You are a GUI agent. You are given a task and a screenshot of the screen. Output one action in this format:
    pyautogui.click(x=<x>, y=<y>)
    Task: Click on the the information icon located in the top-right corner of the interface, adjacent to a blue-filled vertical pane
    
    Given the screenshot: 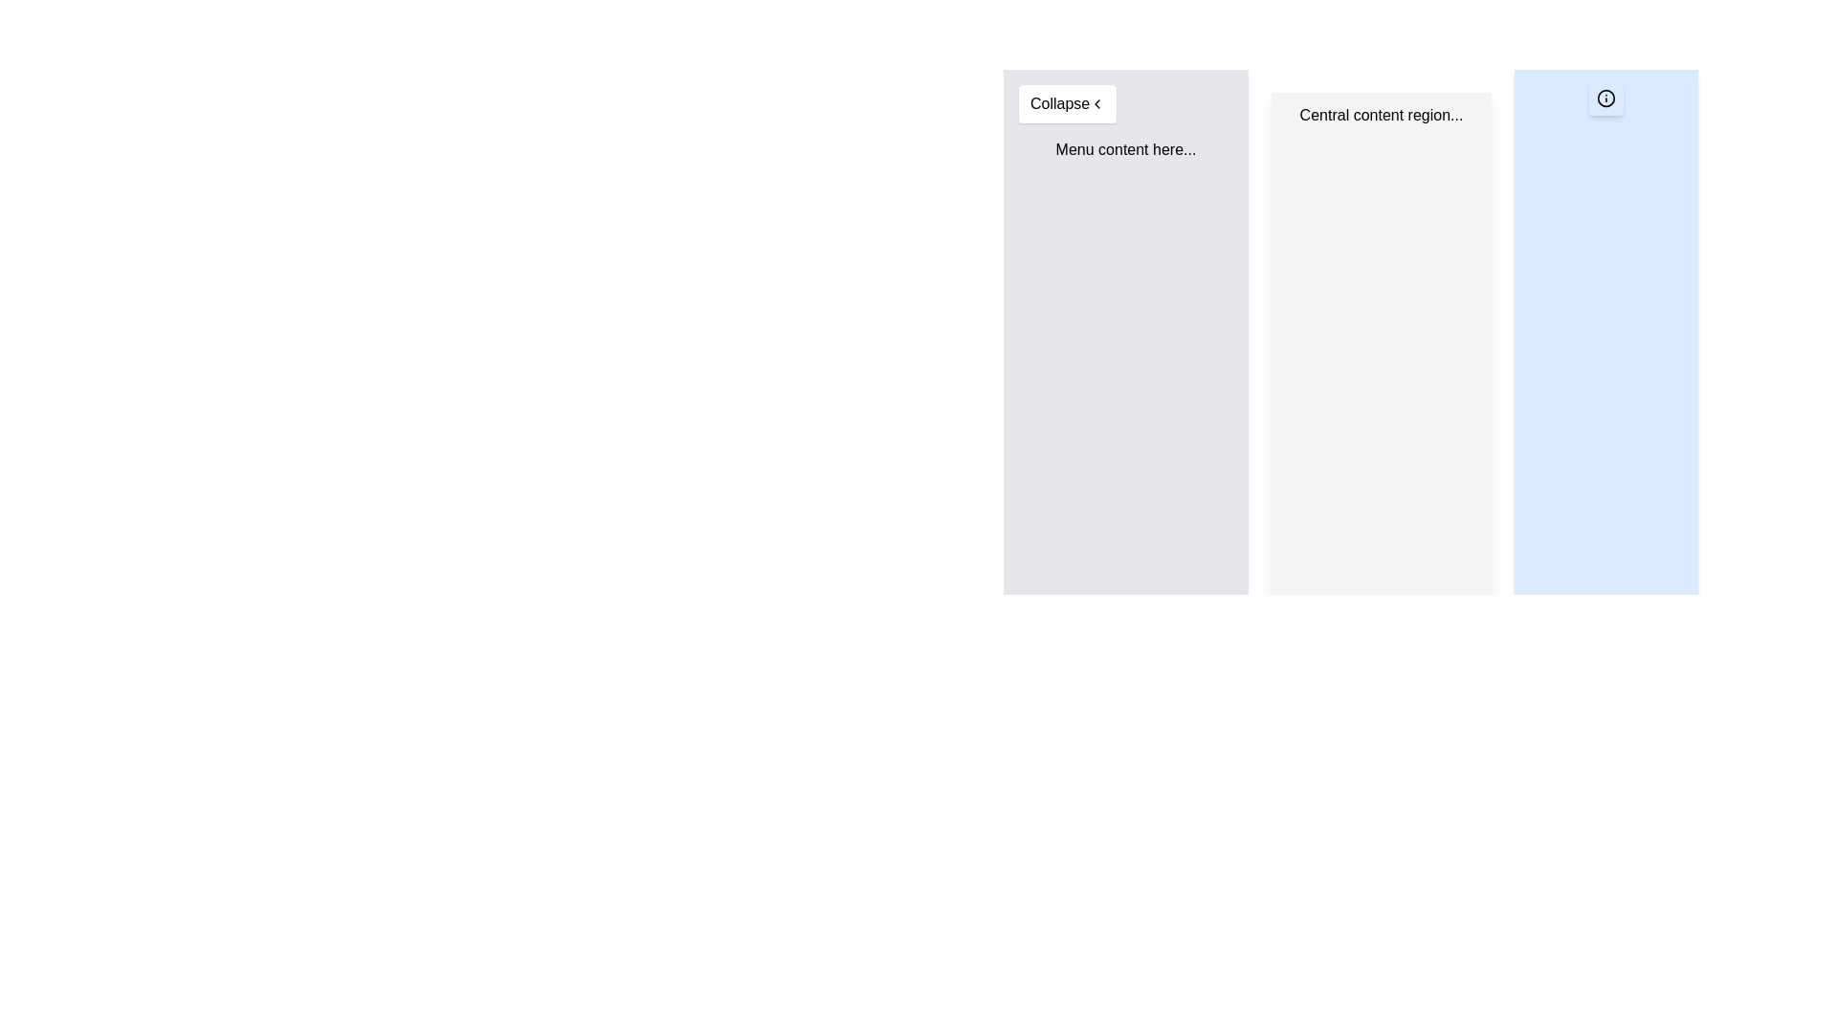 What is the action you would take?
    pyautogui.click(x=1606, y=99)
    